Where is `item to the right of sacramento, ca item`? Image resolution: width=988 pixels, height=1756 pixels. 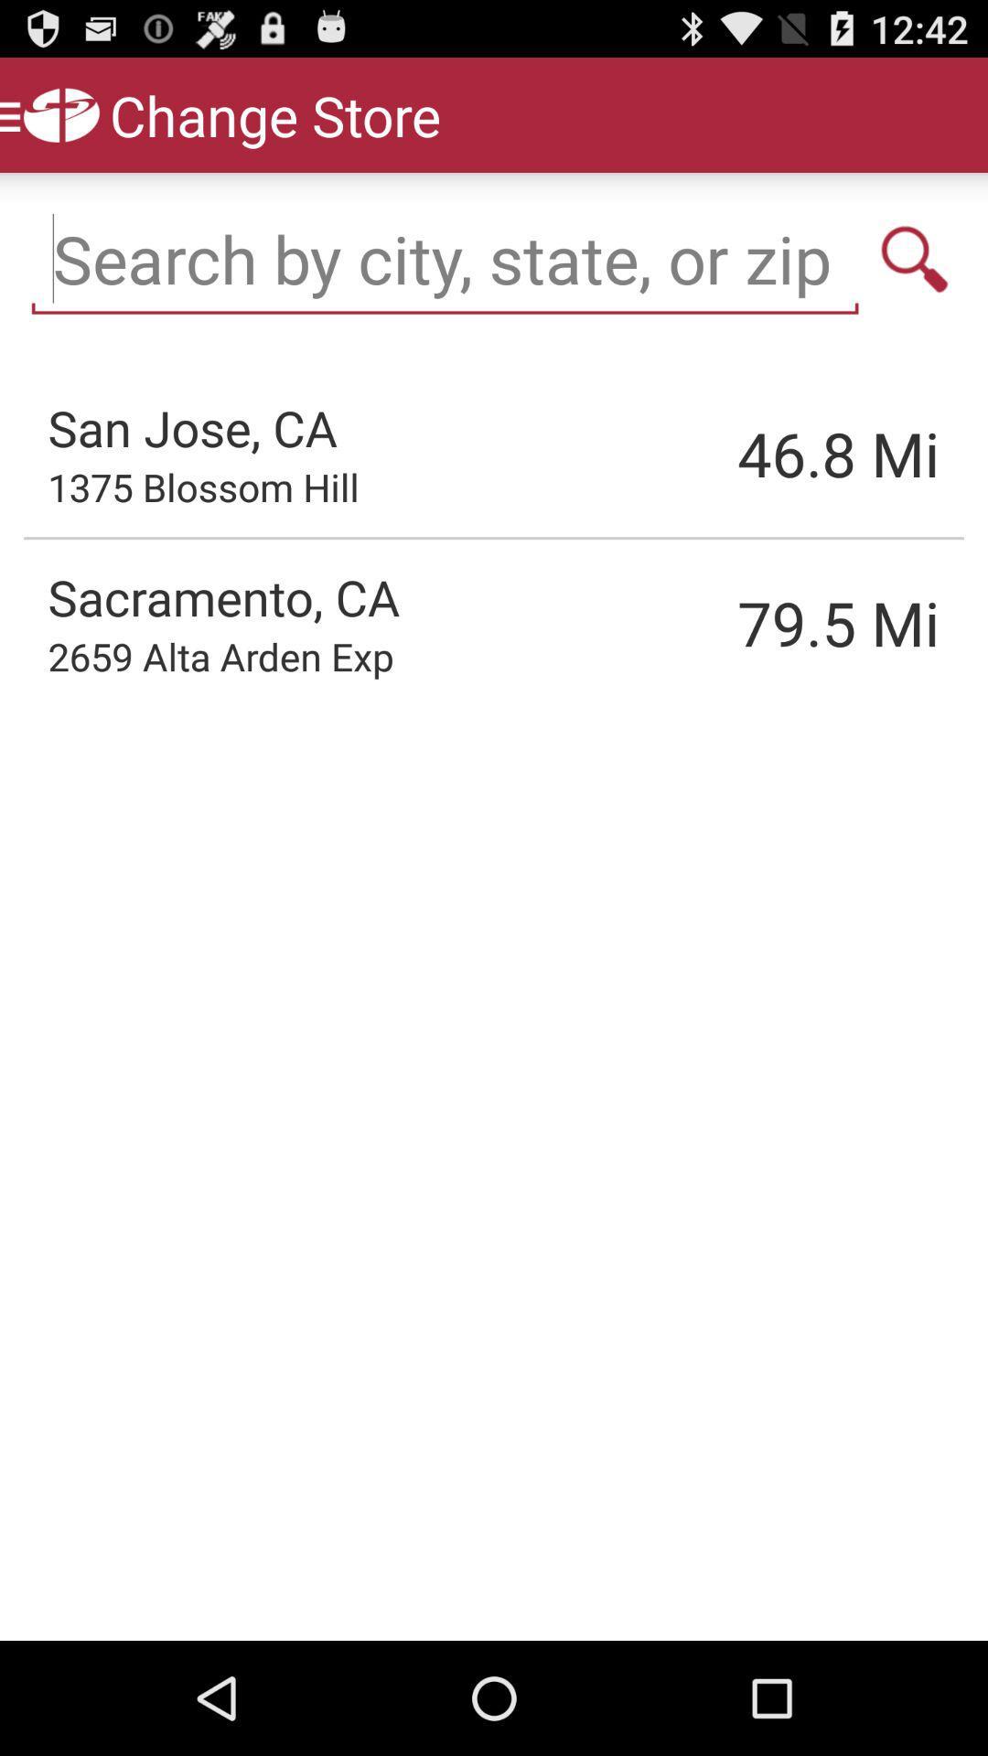 item to the right of sacramento, ca item is located at coordinates (746, 623).